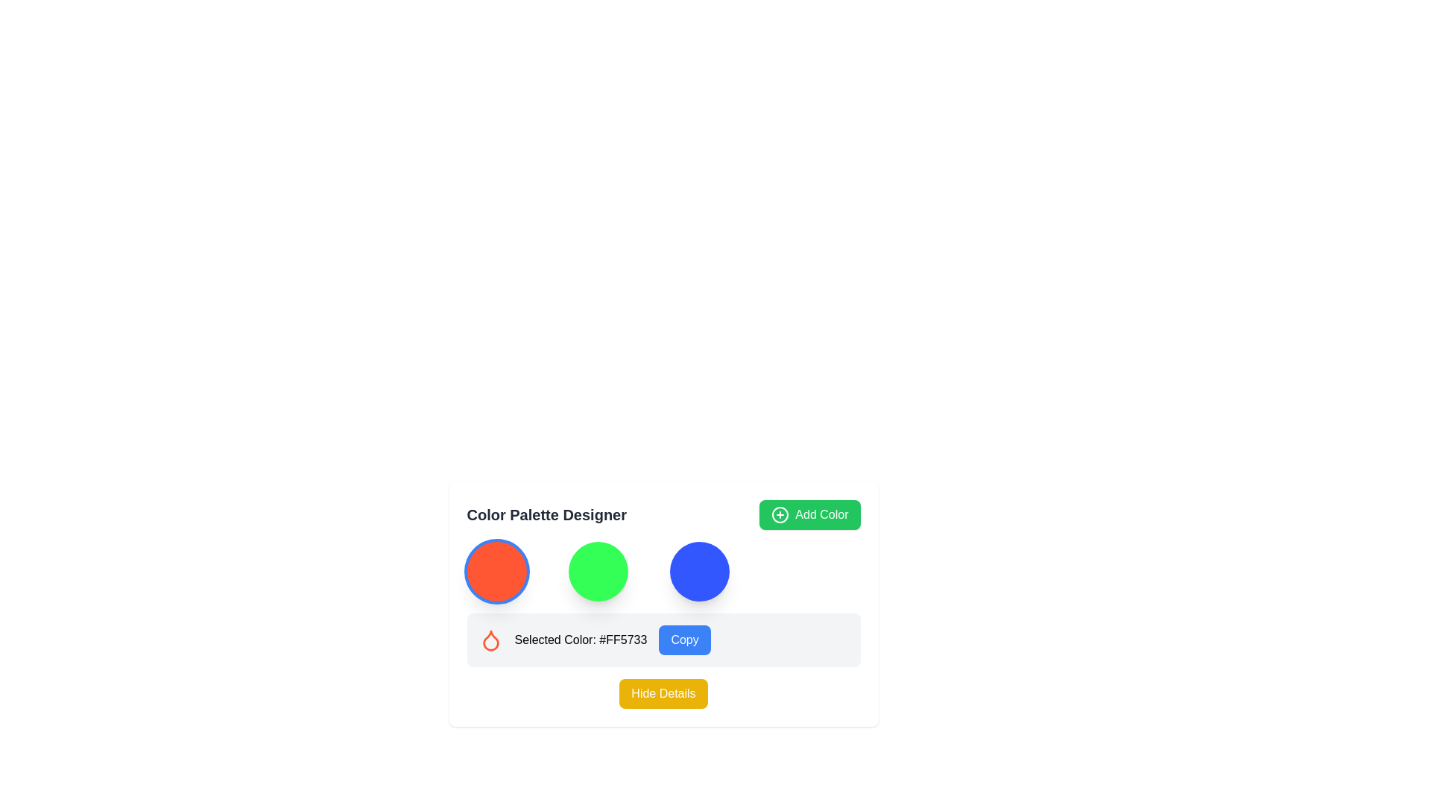 Image resolution: width=1431 pixels, height=805 pixels. What do you see at coordinates (496, 571) in the screenshot?
I see `the first circular button in the color selection grid at the bottom center of the page` at bounding box center [496, 571].